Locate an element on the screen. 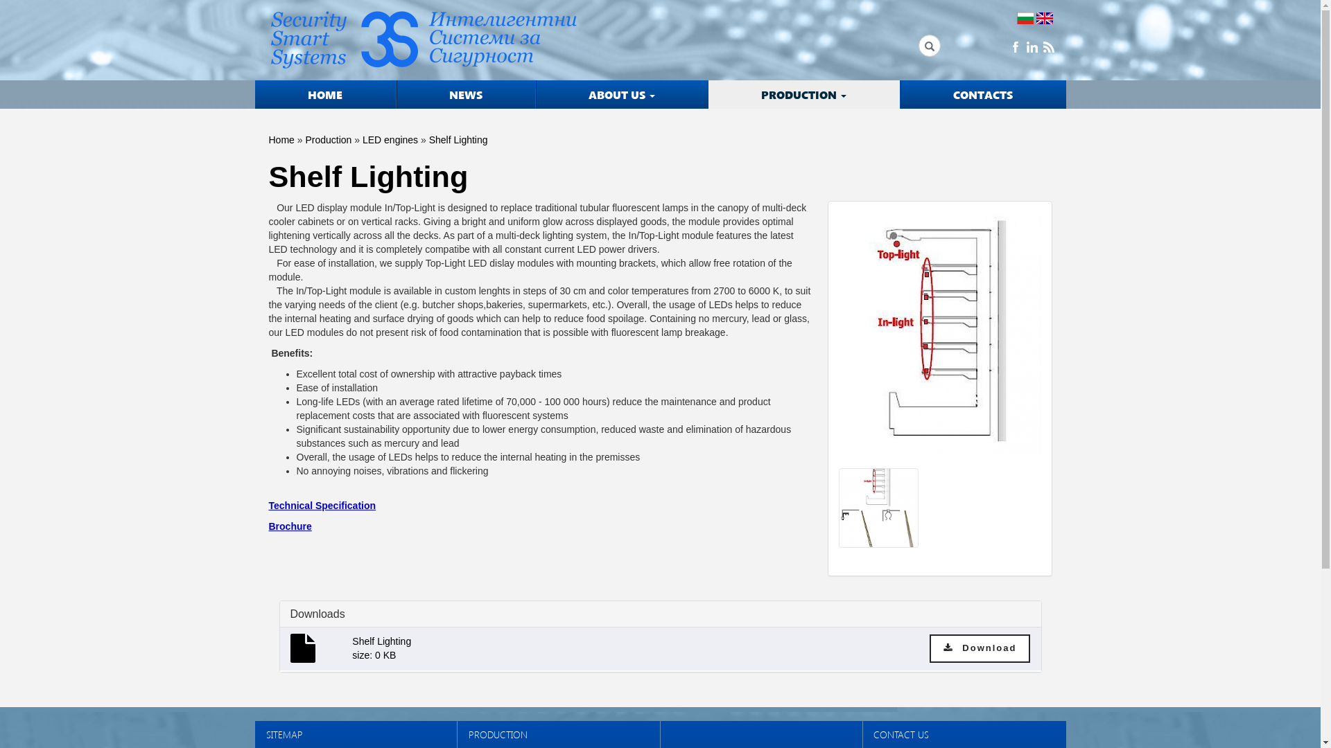 Image resolution: width=1331 pixels, height=748 pixels. 'LED engines' is located at coordinates (389, 139).